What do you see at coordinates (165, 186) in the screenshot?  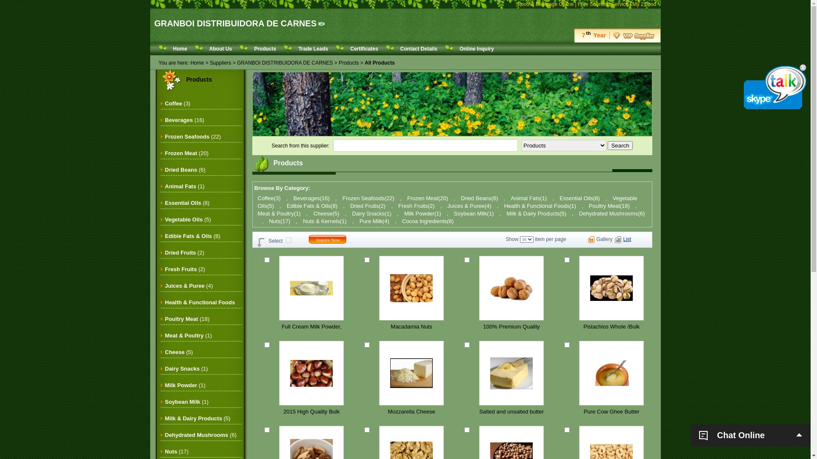 I see `'Animal Fats (1)'` at bounding box center [165, 186].